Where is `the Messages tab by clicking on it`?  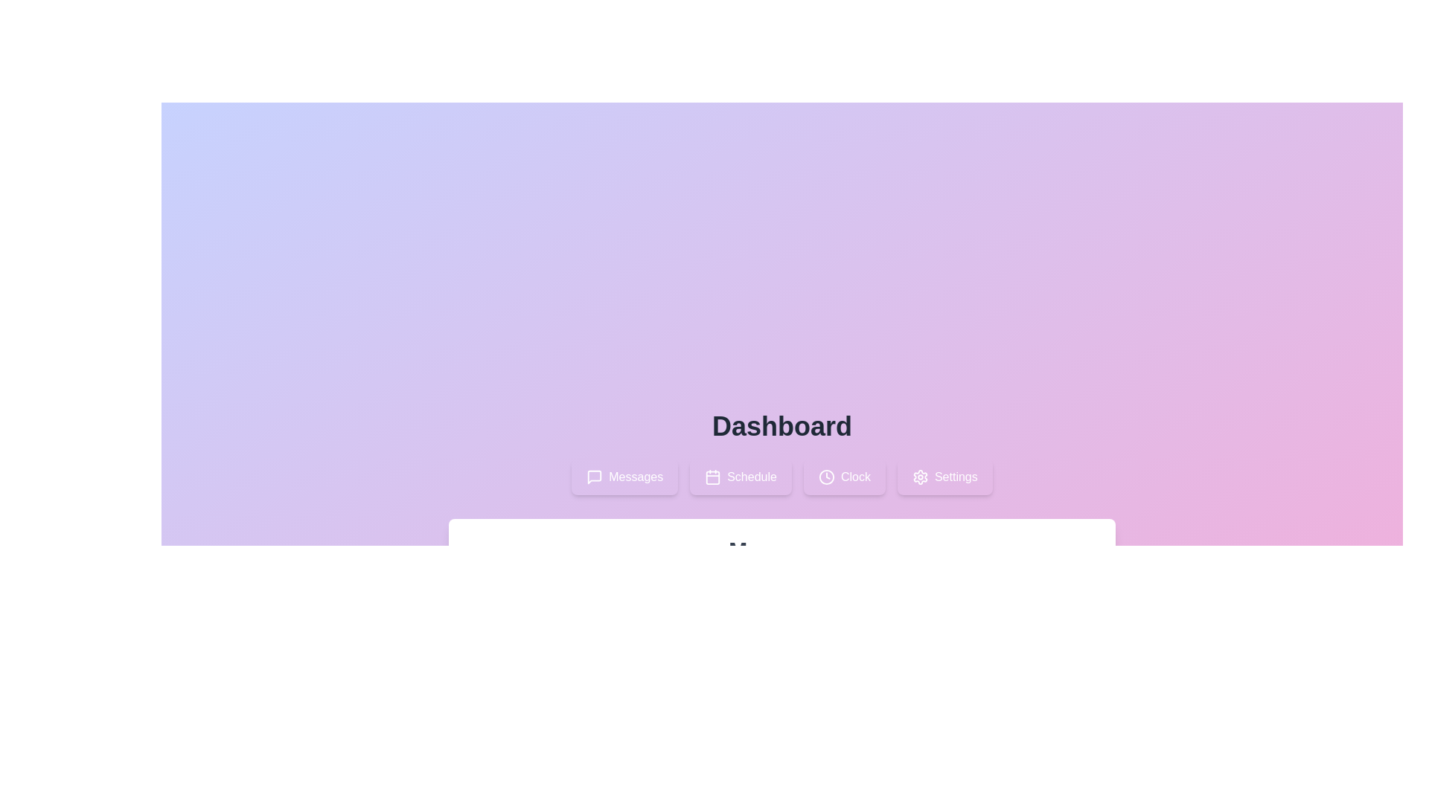 the Messages tab by clicking on it is located at coordinates (624, 477).